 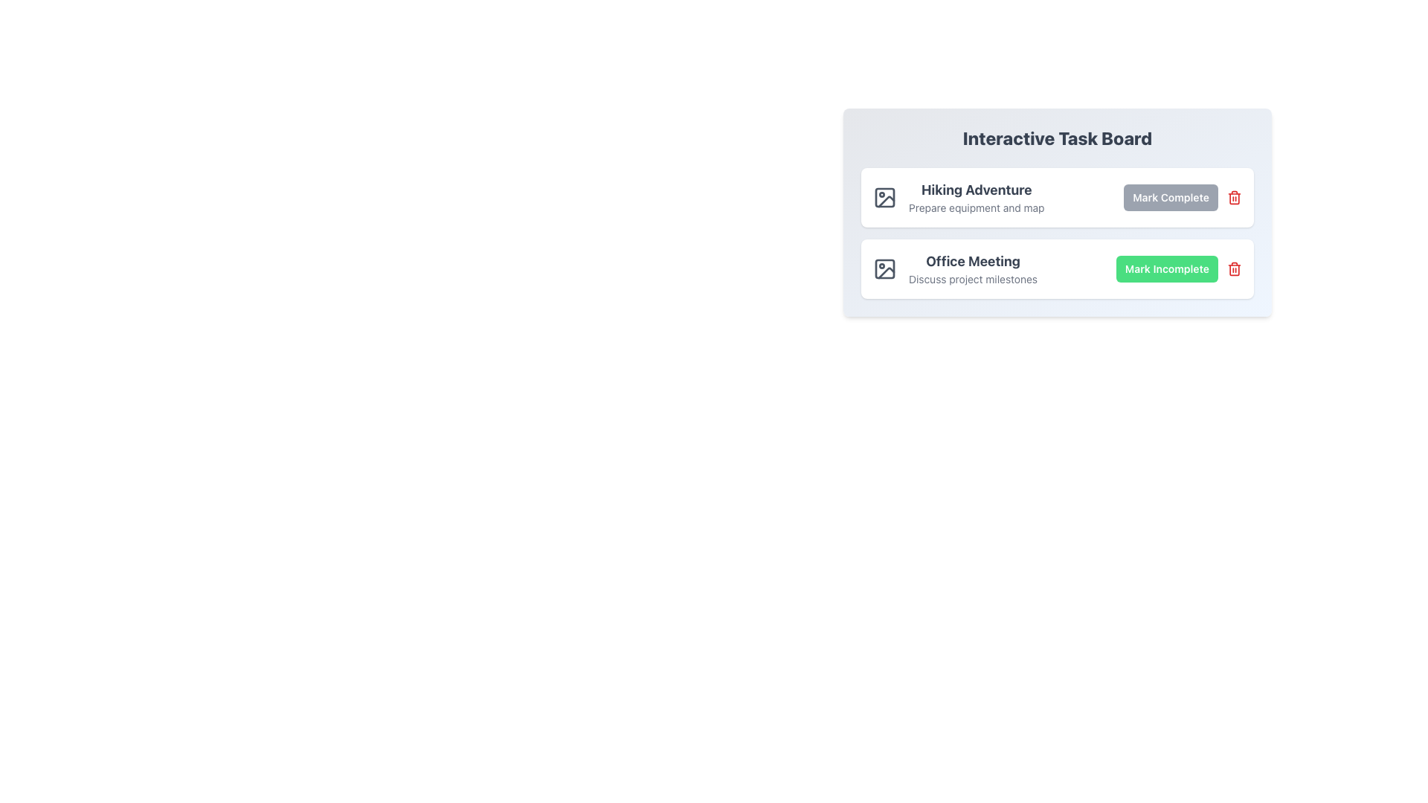 What do you see at coordinates (973, 260) in the screenshot?
I see `the bold text label 'Office Meeting' which is styled in a large font size and gray color, located at the center of the task card interface` at bounding box center [973, 260].